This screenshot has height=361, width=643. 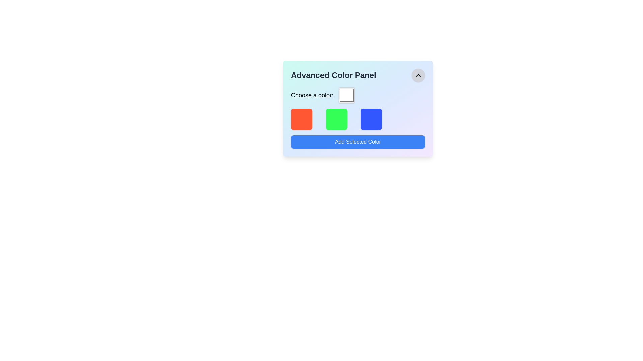 What do you see at coordinates (371, 119) in the screenshot?
I see `the Color representation block, which is a square-shaped element with a blue background and rounded corners, the third element in a row of four squares within the Advanced Color Panel interface` at bounding box center [371, 119].